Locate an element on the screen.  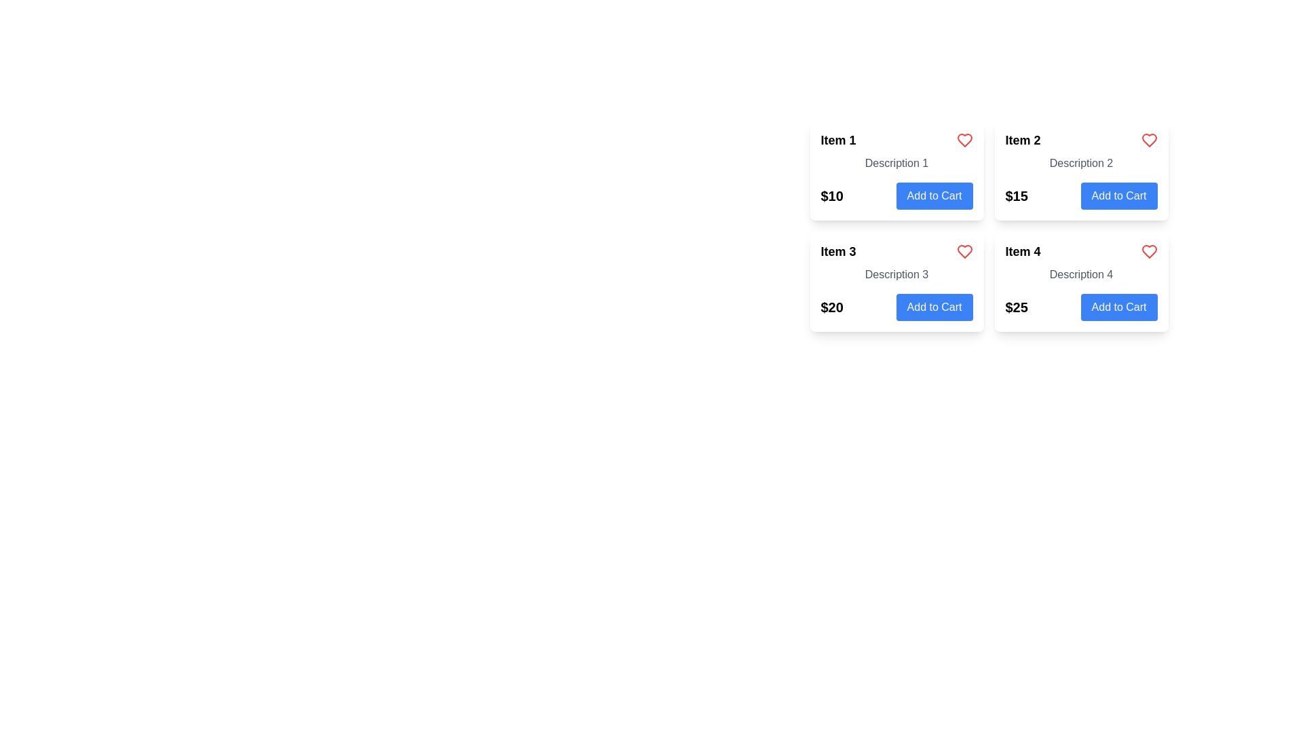
text content of the '$10' label located in the top-left card of the product information grid, just above the 'Add to Cart' button for 'Item 1' is located at coordinates (831, 196).